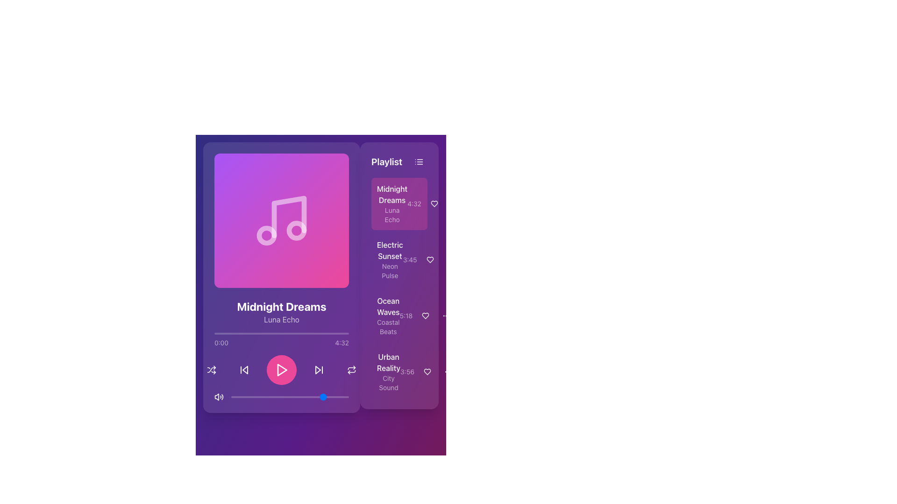 The width and height of the screenshot is (897, 504). What do you see at coordinates (281, 370) in the screenshot?
I see `the play button icon, which is a triangular shape pointing to the right, enclosed in a circular button with a pink background, located centrally within the button controls section of the media player interface` at bounding box center [281, 370].